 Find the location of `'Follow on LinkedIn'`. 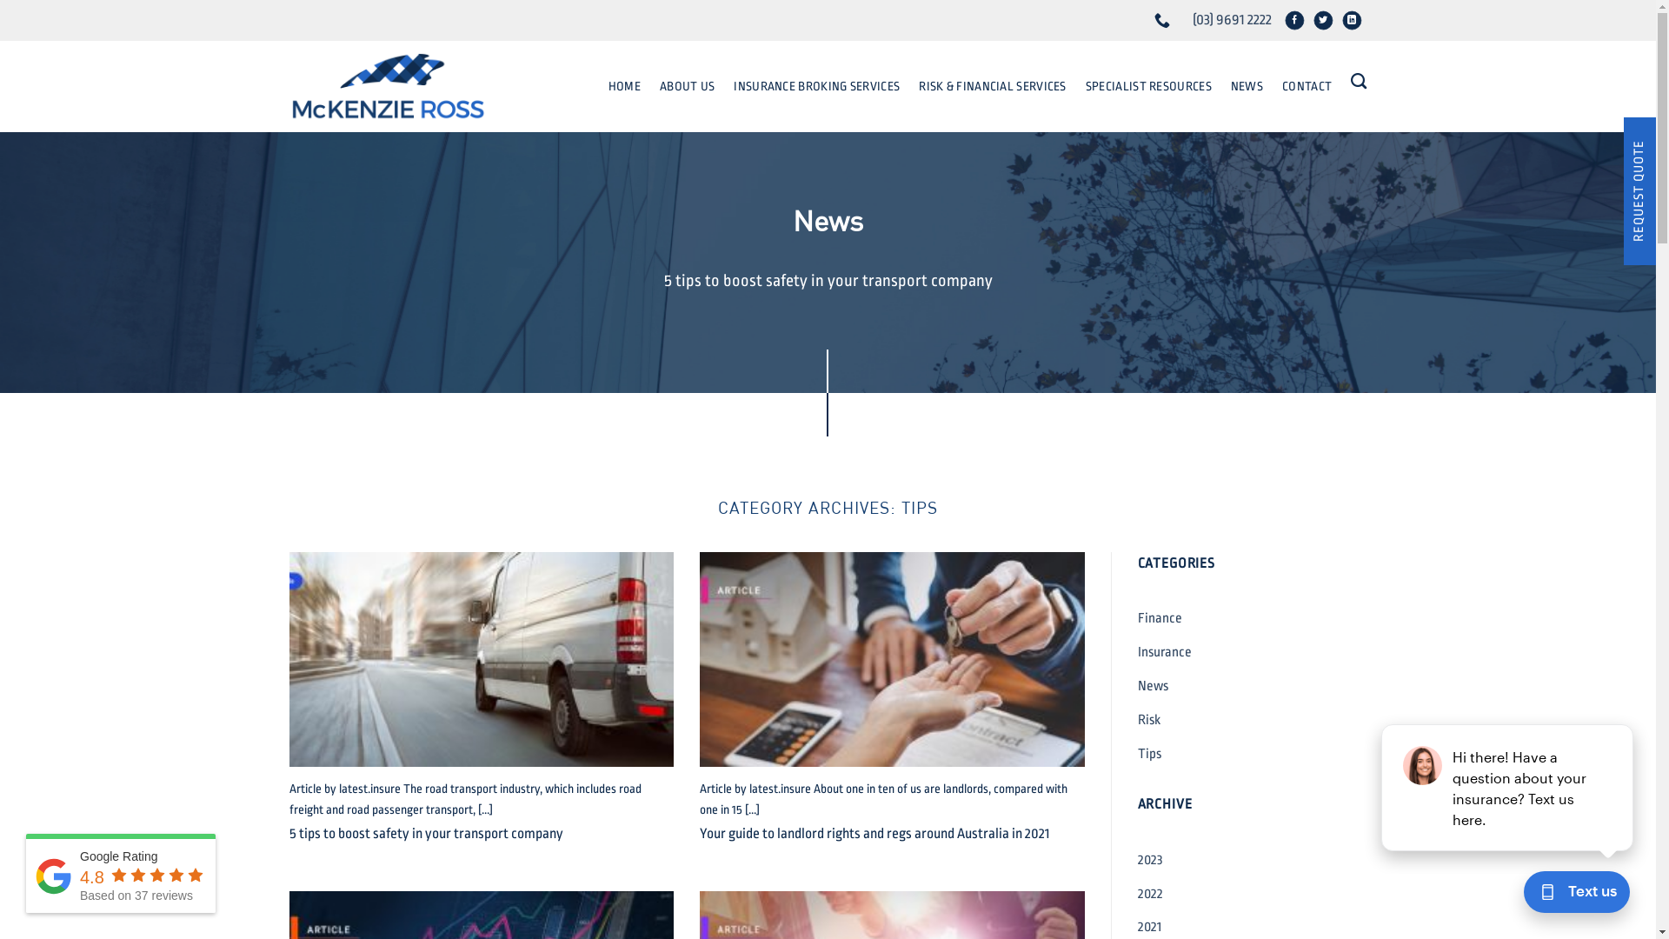

'Follow on LinkedIn' is located at coordinates (1355, 23).